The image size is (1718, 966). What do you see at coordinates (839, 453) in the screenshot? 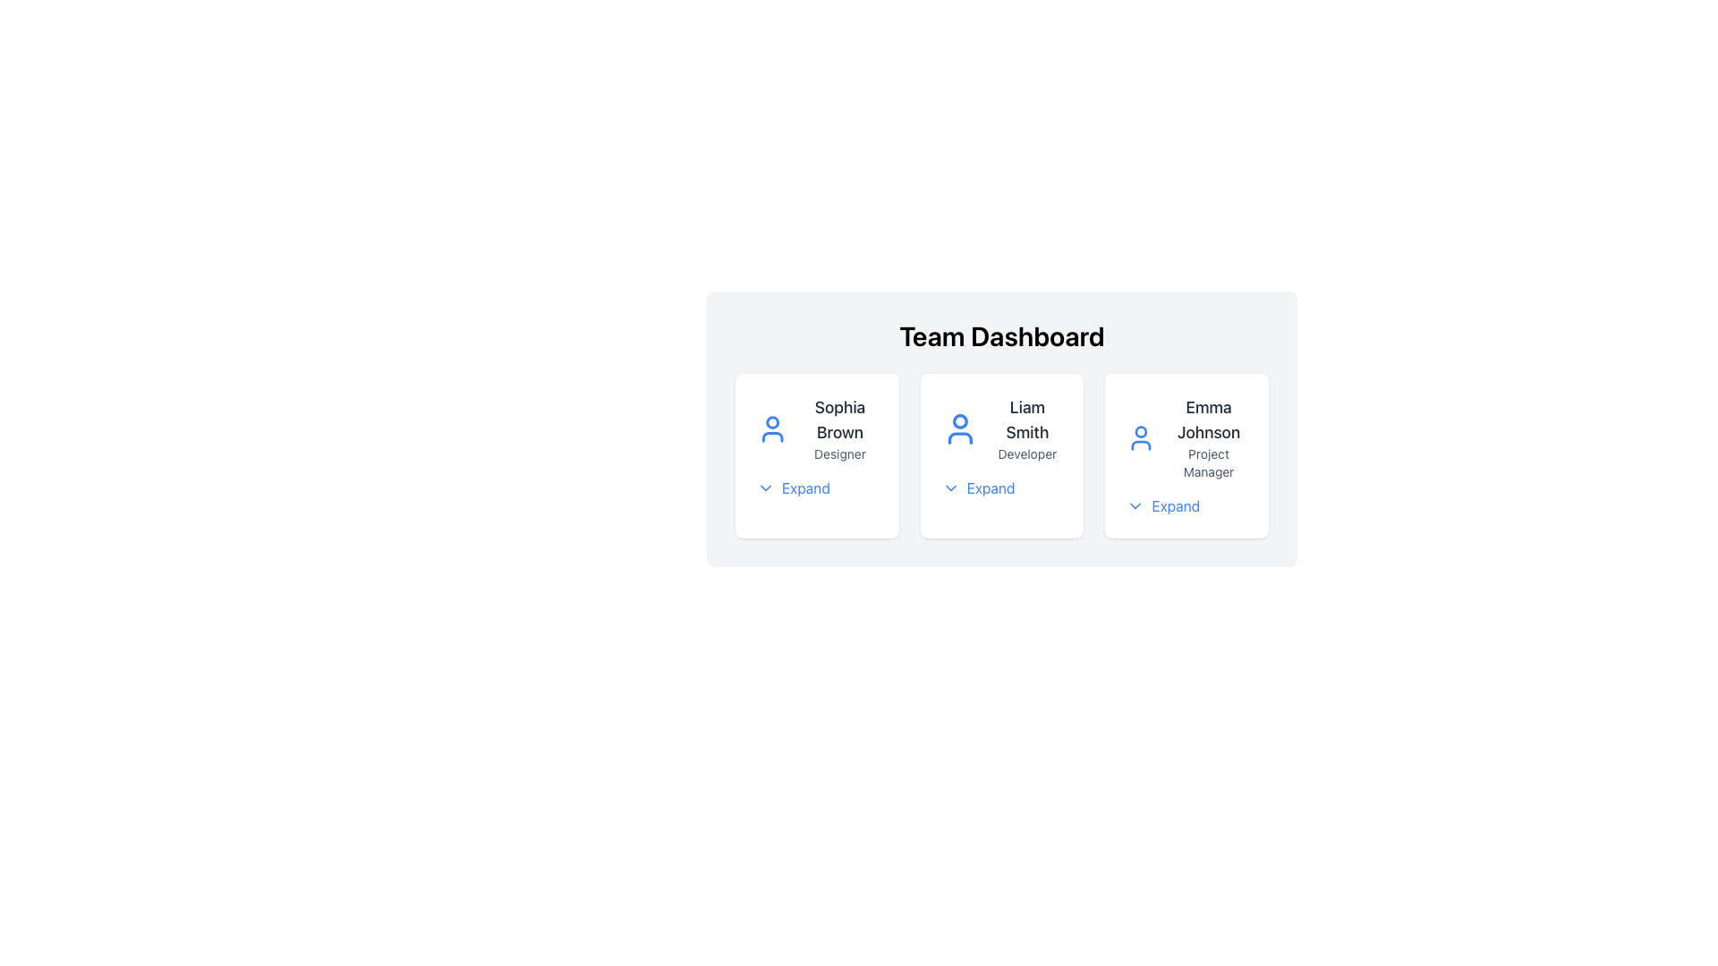
I see `'Designer' label that indicates the role associated with the individual 'Sophia Brown' in the leftmost card` at bounding box center [839, 453].